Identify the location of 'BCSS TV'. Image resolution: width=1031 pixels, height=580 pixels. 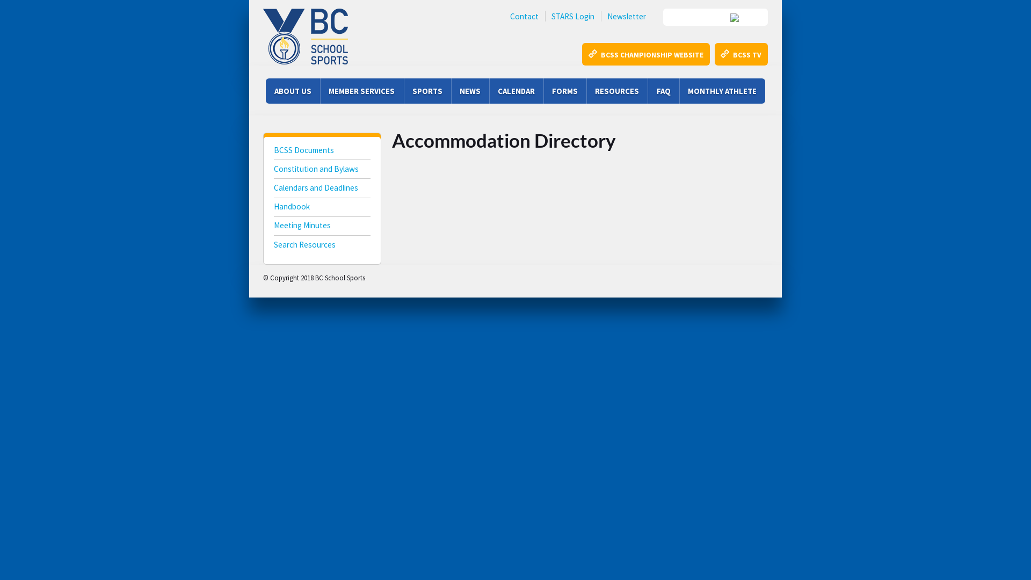
(740, 54).